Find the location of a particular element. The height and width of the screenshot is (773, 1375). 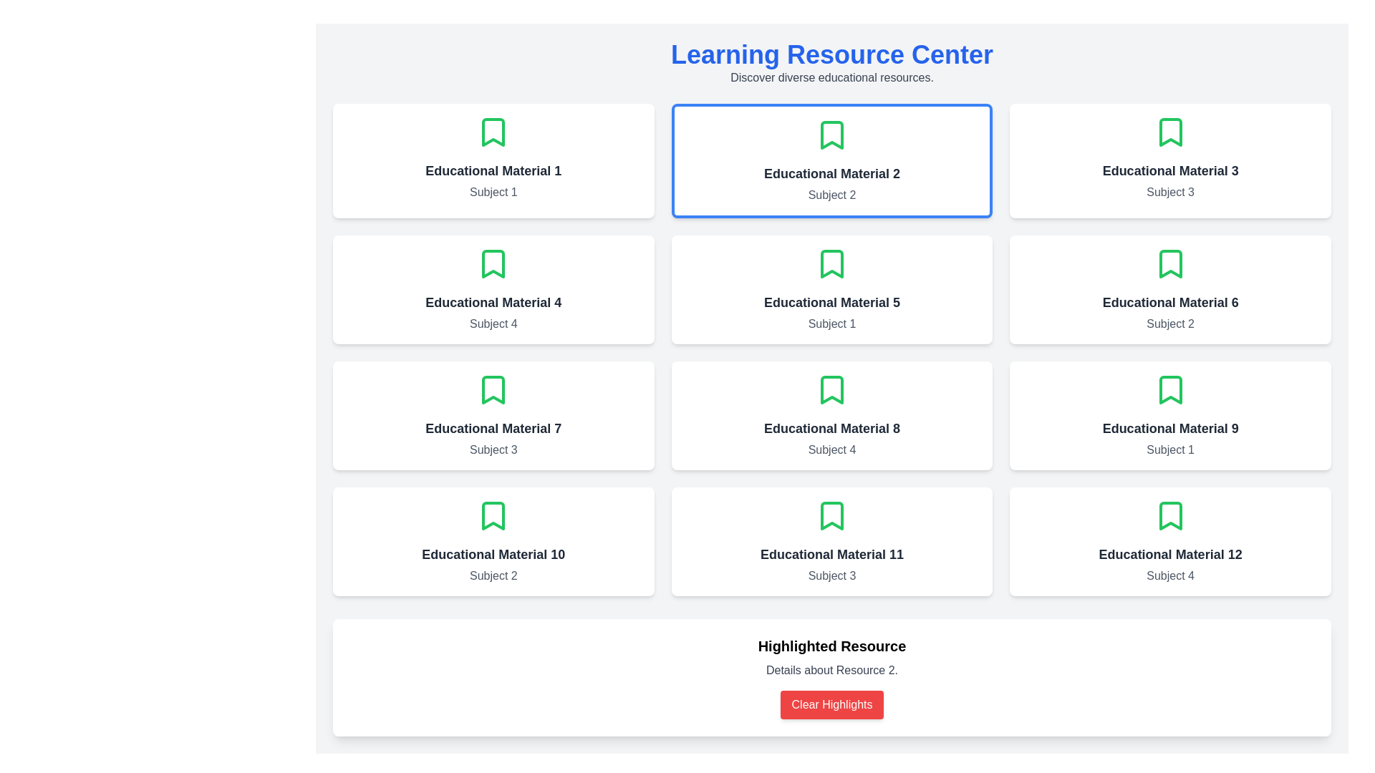

the text label displaying 'Subject 3' in gray color, located at the bottom section of the third card in the first row of the grid layout is located at coordinates (1170, 192).